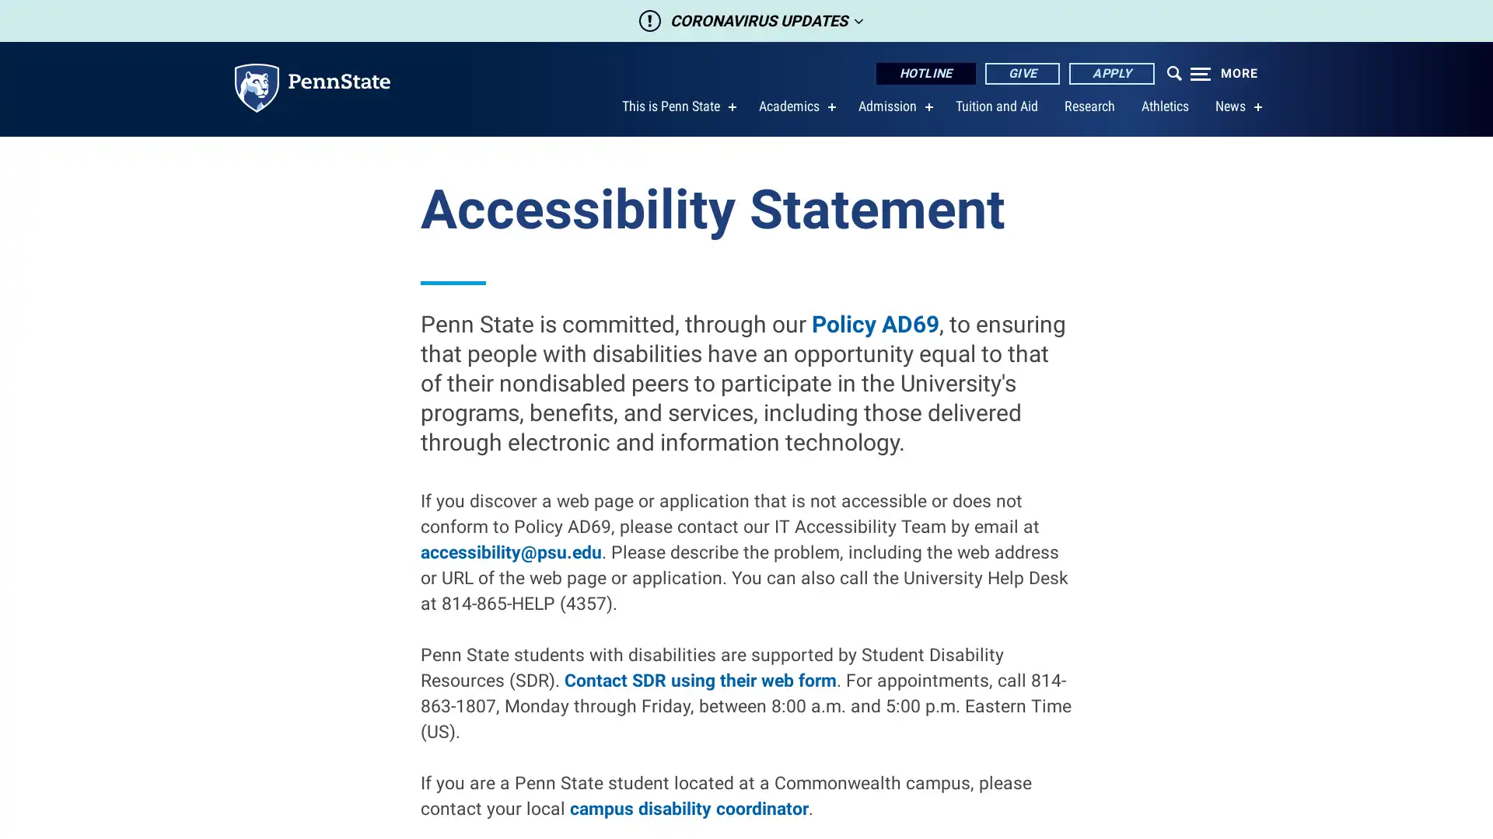 Image resolution: width=1493 pixels, height=839 pixels. Describe the element at coordinates (1223, 73) in the screenshot. I see `Expand navigation menu` at that location.